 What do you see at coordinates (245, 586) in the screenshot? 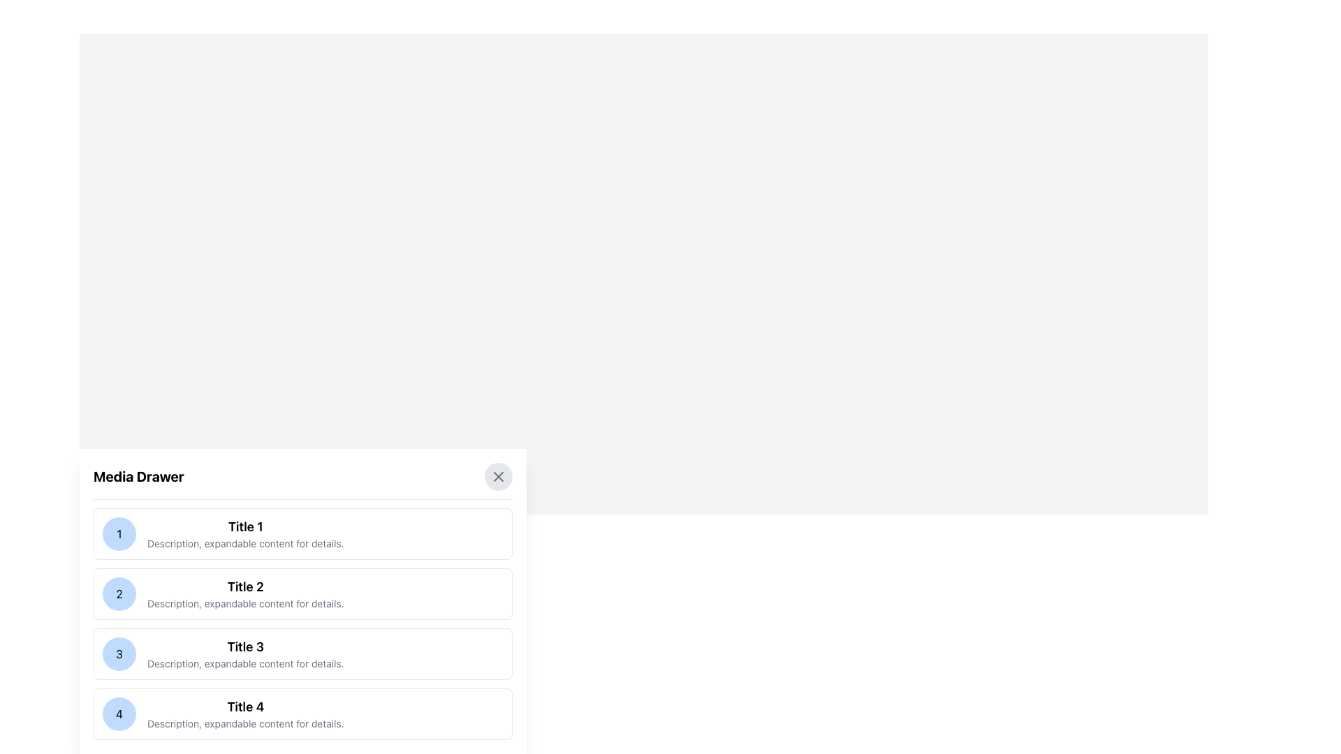
I see `the bold text label reading 'Title 2' in the second entry of the vertically stacked list in the 'Media Drawer'` at bounding box center [245, 586].